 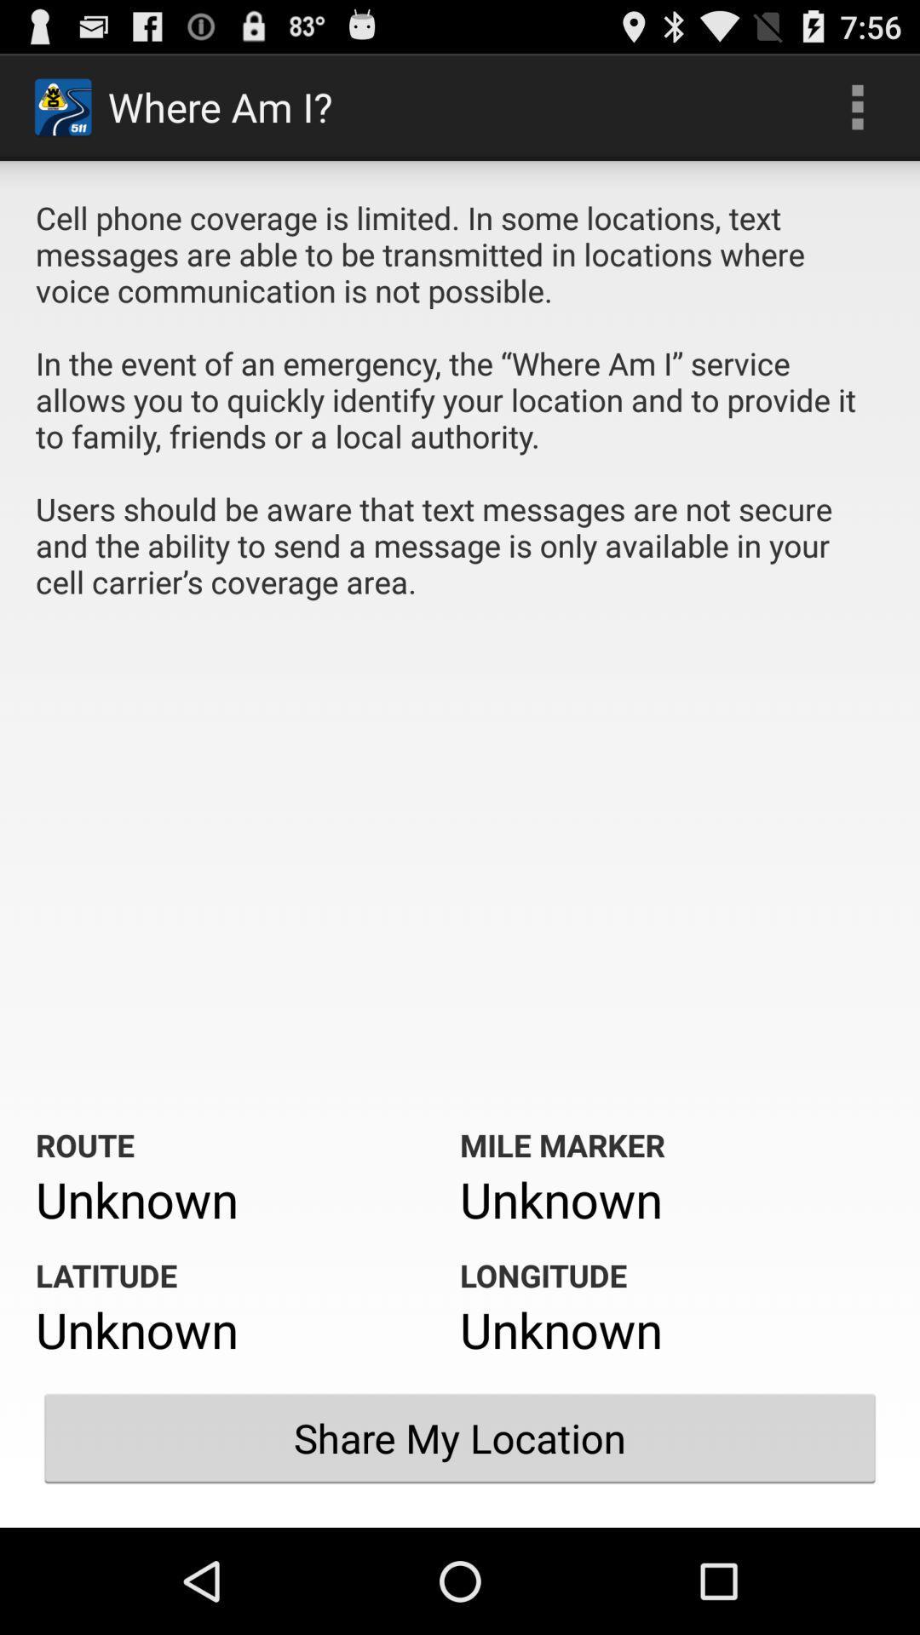 What do you see at coordinates (857, 106) in the screenshot?
I see `icon next to the where am i? icon` at bounding box center [857, 106].